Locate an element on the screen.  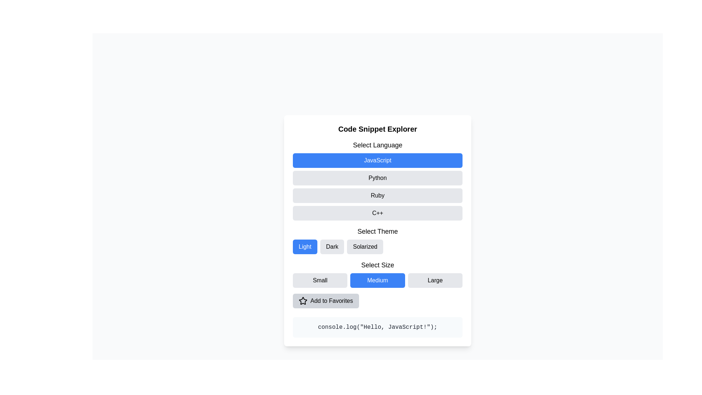
the 'Medium' size selection button, which is the second button in a horizontal row of size options labeled 'Select Size' is located at coordinates (377, 280).